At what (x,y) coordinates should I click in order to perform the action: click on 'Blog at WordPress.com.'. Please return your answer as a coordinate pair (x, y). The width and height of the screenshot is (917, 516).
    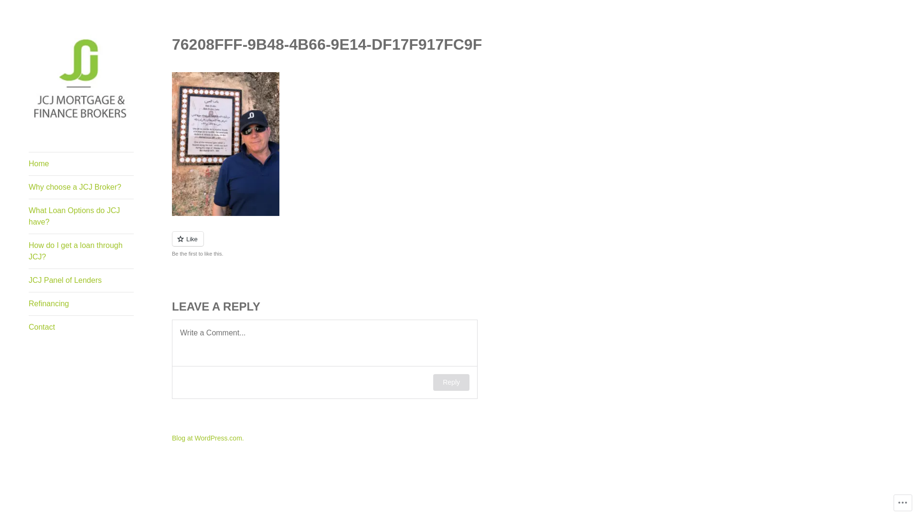
    Looking at the image, I should click on (172, 438).